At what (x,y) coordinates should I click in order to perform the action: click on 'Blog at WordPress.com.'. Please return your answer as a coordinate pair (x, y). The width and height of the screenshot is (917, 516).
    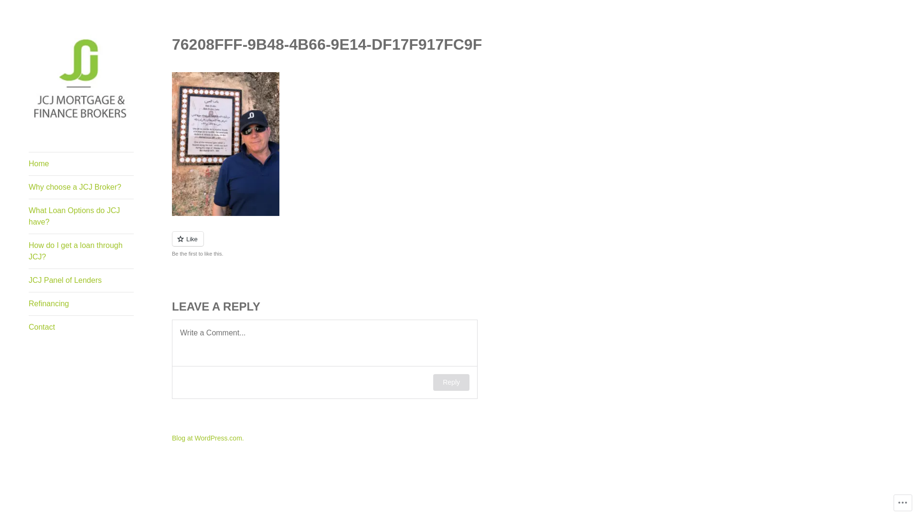
    Looking at the image, I should click on (172, 438).